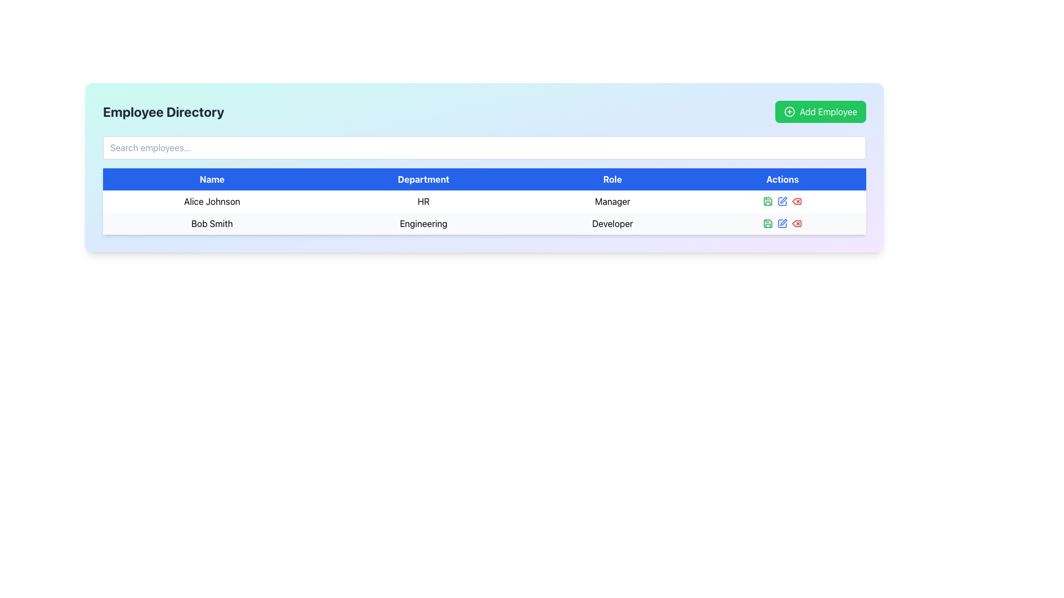  Describe the element at coordinates (783, 200) in the screenshot. I see `the edit icon for Bob Smith's entry in the action icons row to initiate the edit action` at that location.